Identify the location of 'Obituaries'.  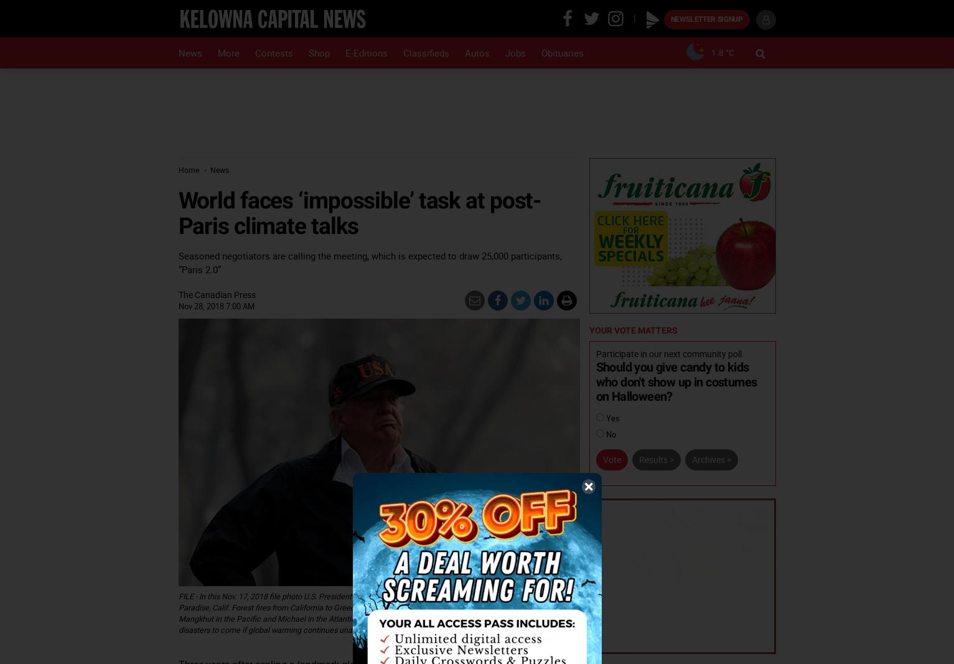
(561, 52).